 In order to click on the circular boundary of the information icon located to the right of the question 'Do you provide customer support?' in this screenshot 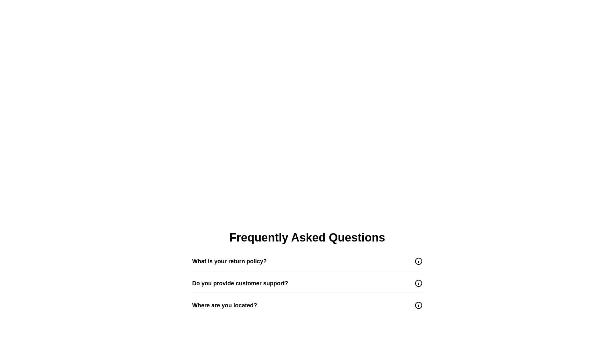, I will do `click(419, 283)`.